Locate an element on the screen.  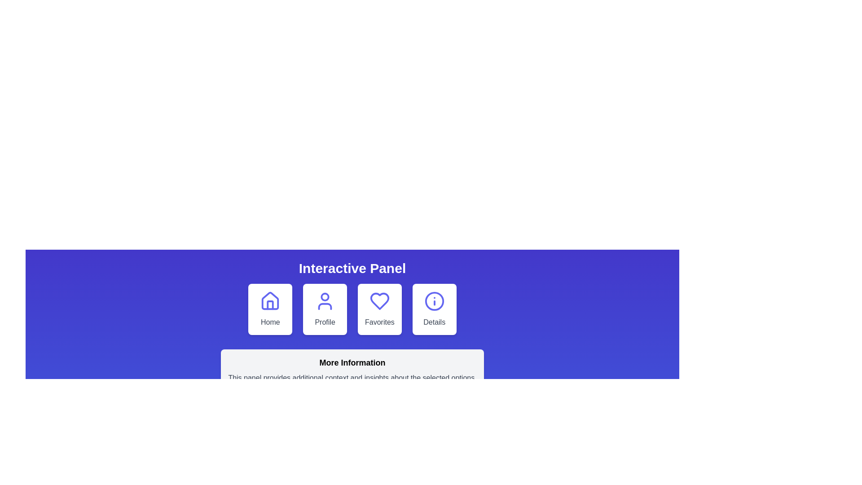
the 'Favorites' text label, which is displayed in medium gray font below a heart icon in the third card of a vertically arranged card layout is located at coordinates (379, 322).